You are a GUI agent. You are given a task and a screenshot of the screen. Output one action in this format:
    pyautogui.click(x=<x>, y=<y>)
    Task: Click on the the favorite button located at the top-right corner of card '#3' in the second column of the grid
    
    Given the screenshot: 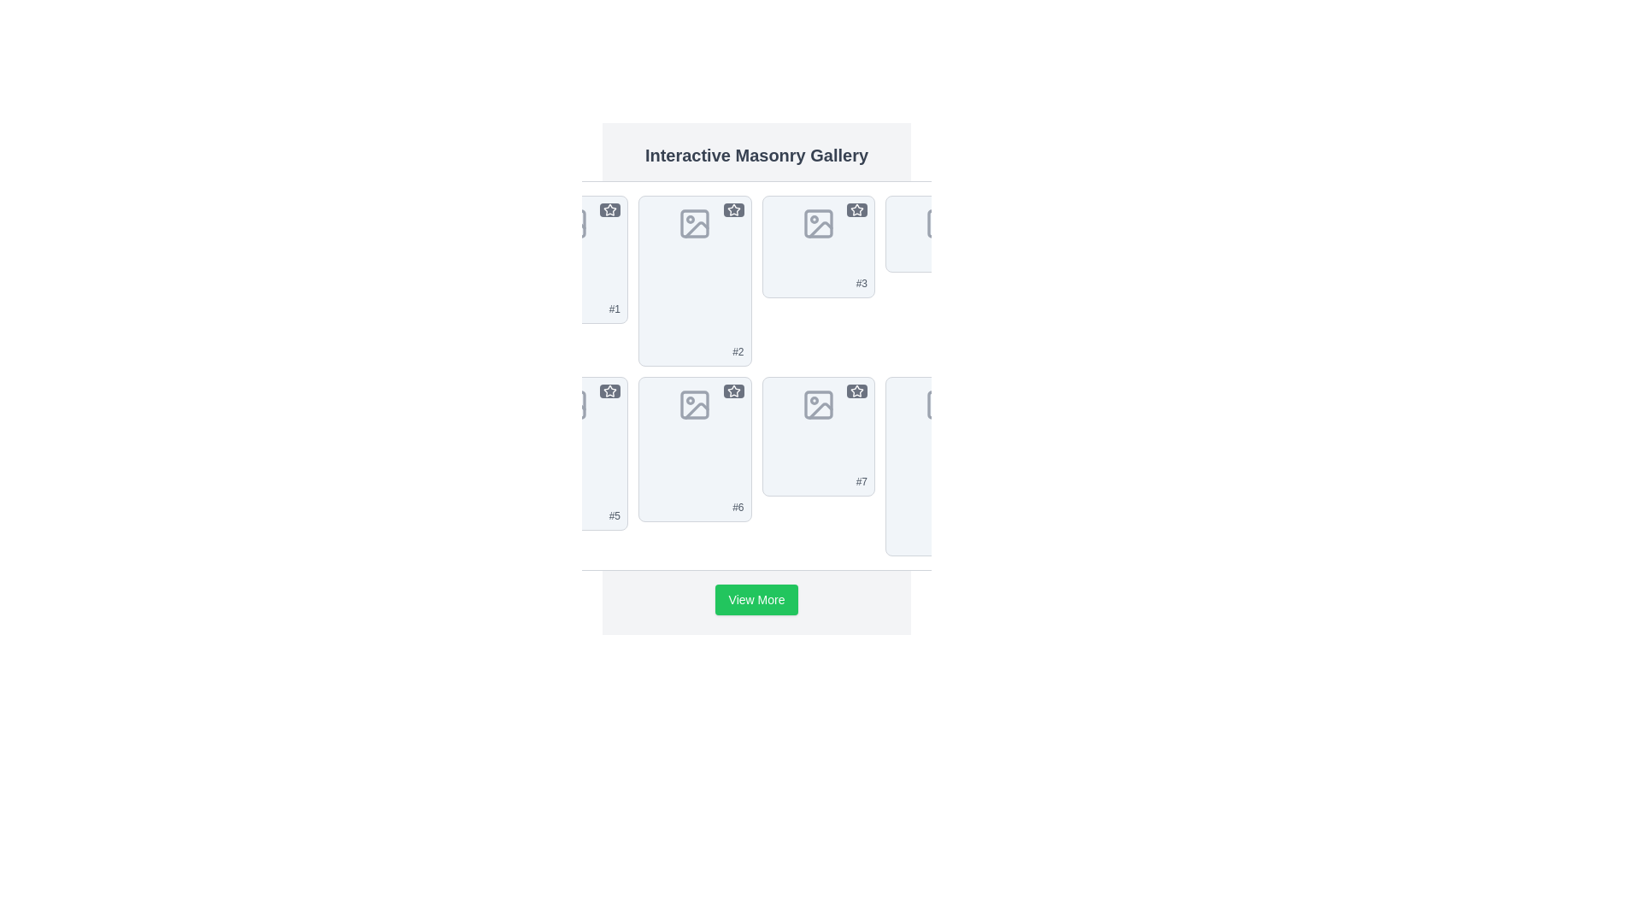 What is the action you would take?
    pyautogui.click(x=857, y=209)
    